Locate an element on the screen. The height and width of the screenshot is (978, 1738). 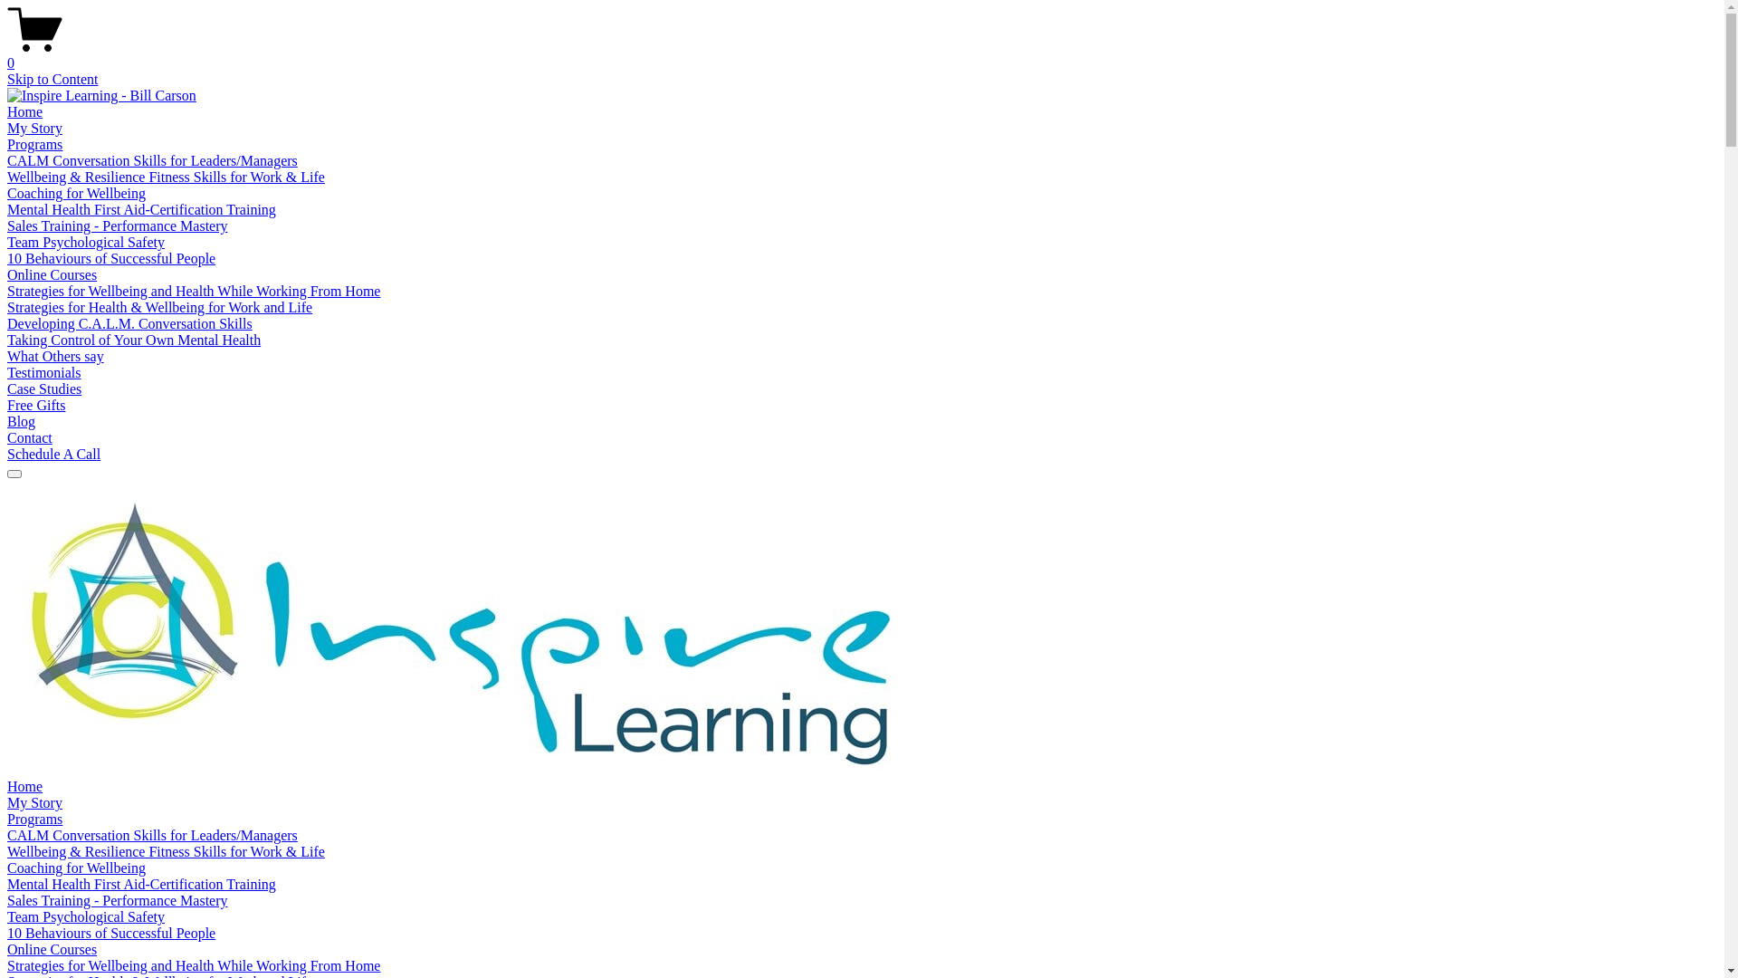
'Schedule A Call' is located at coordinates (53, 453).